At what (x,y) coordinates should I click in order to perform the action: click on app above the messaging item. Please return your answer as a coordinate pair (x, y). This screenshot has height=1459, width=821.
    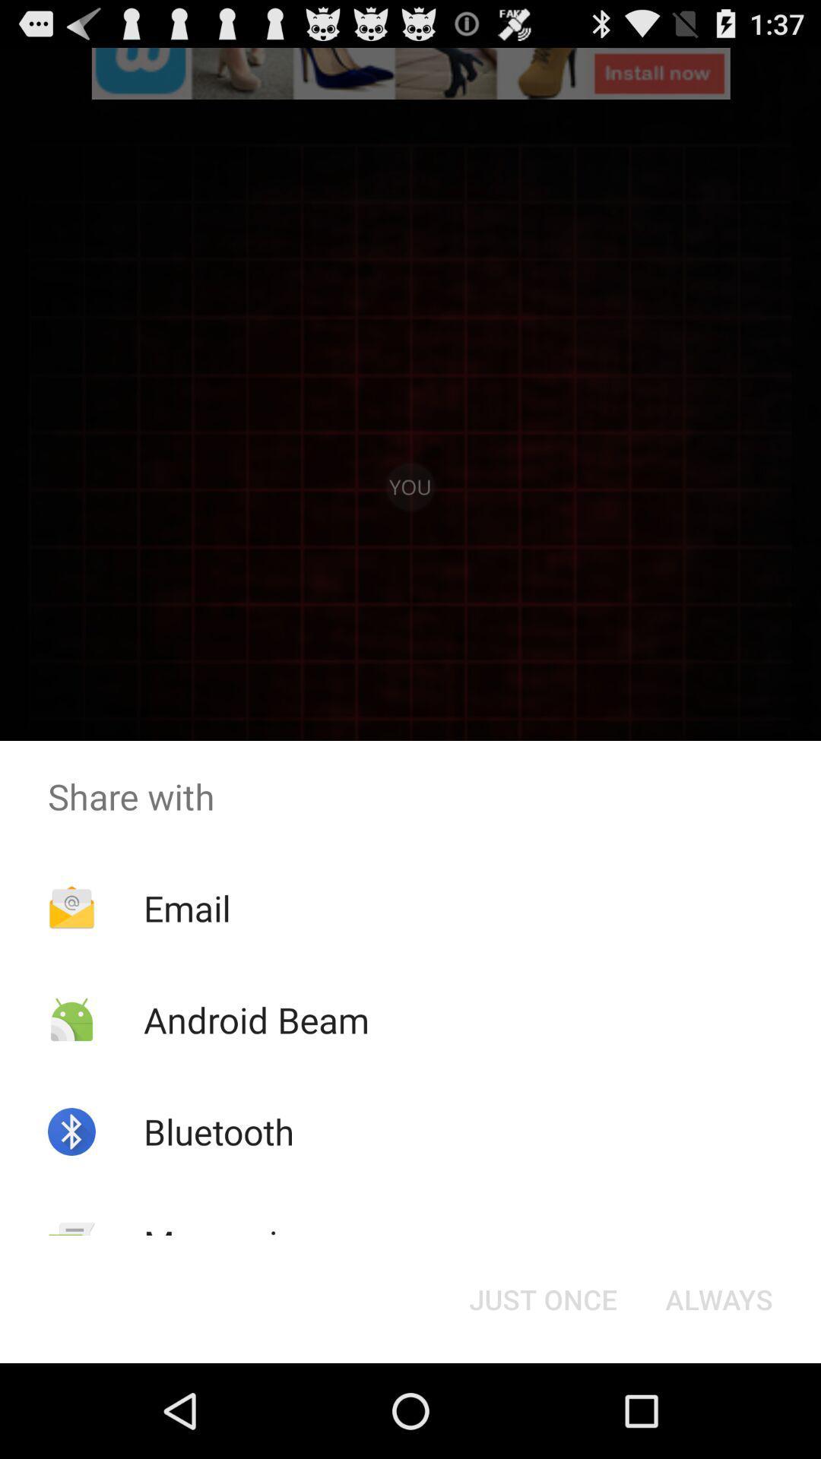
    Looking at the image, I should click on (219, 1131).